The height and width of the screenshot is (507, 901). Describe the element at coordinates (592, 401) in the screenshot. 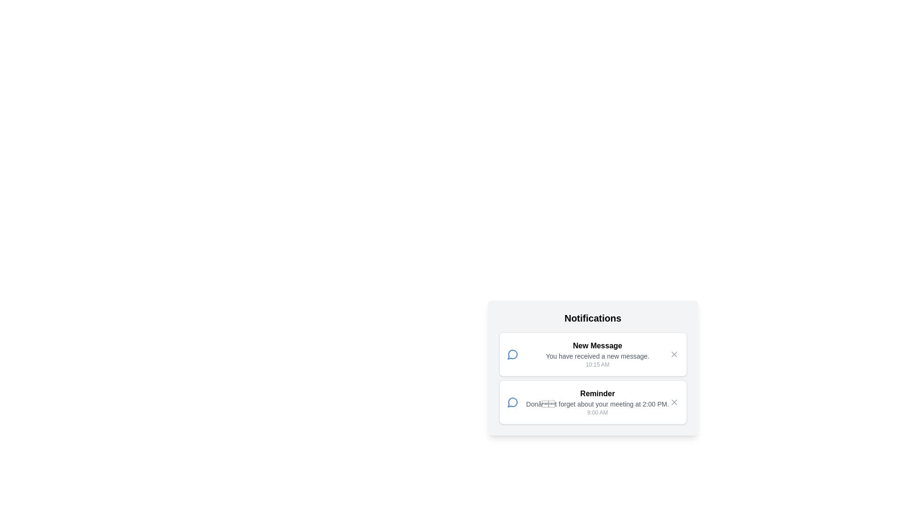

I see `the content of a notification by selecting the notification with title Reminder` at that location.